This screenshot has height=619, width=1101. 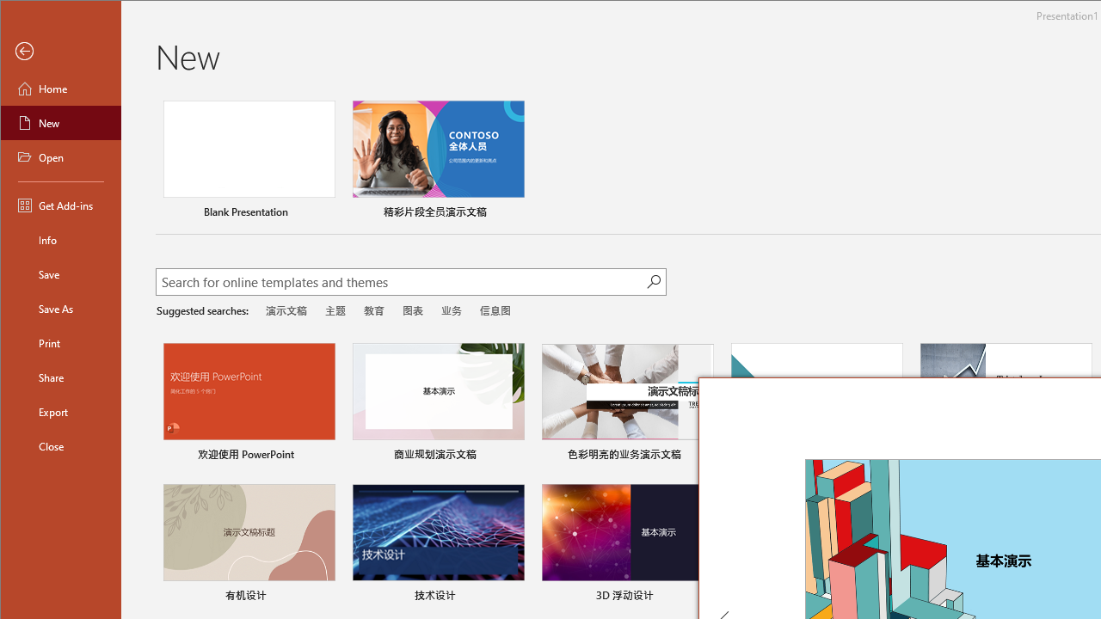 What do you see at coordinates (653, 280) in the screenshot?
I see `'Start searching'` at bounding box center [653, 280].